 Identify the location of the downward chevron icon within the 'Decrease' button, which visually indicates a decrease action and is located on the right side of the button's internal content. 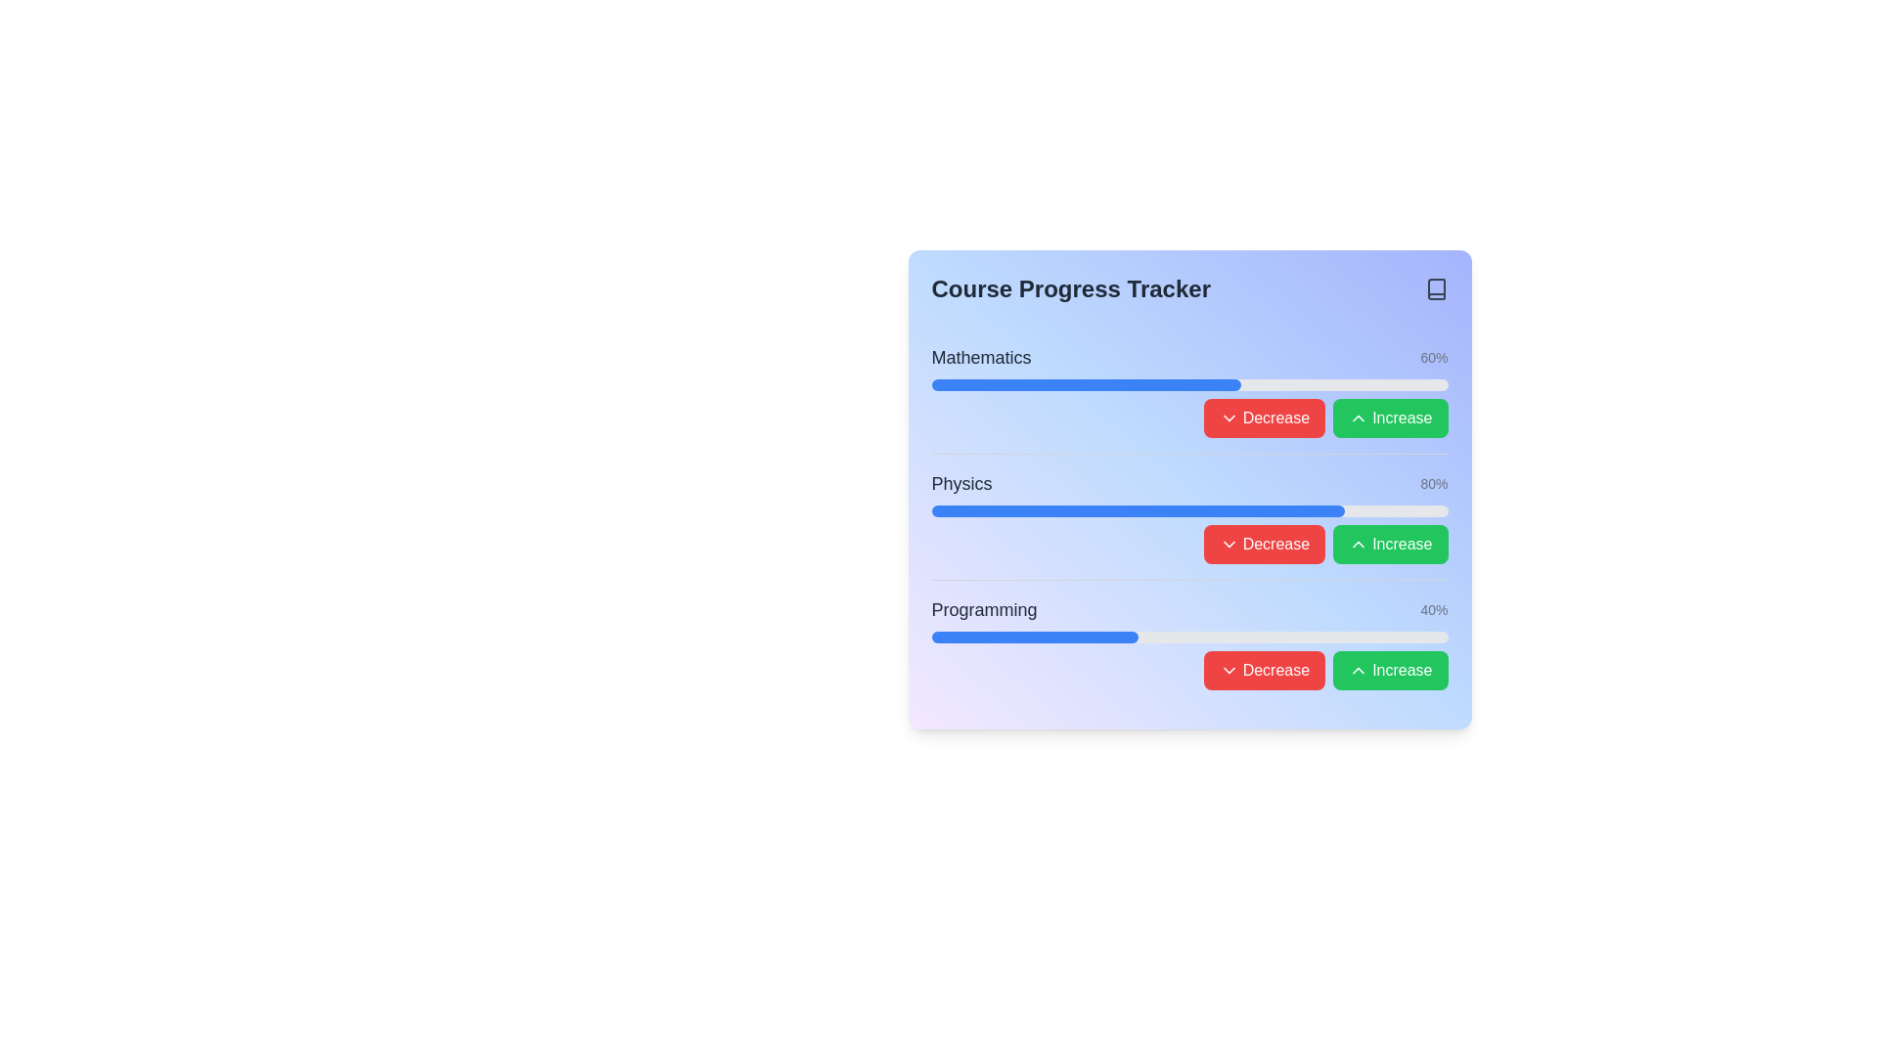
(1228, 418).